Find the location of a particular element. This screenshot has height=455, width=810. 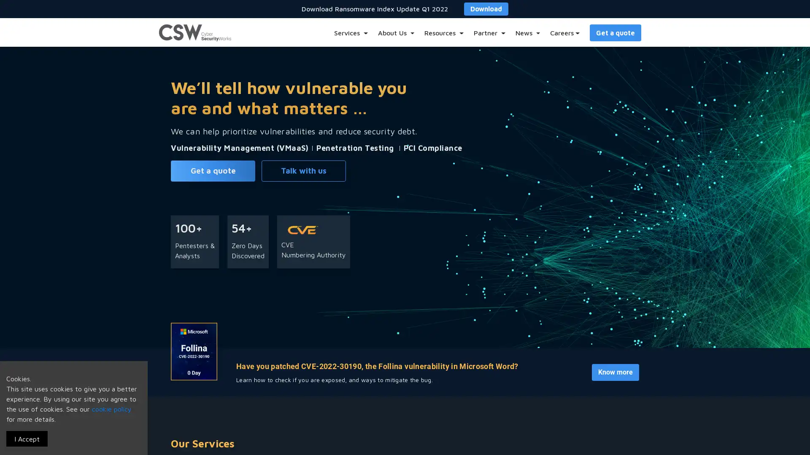

Talk with us is located at coordinates (304, 171).